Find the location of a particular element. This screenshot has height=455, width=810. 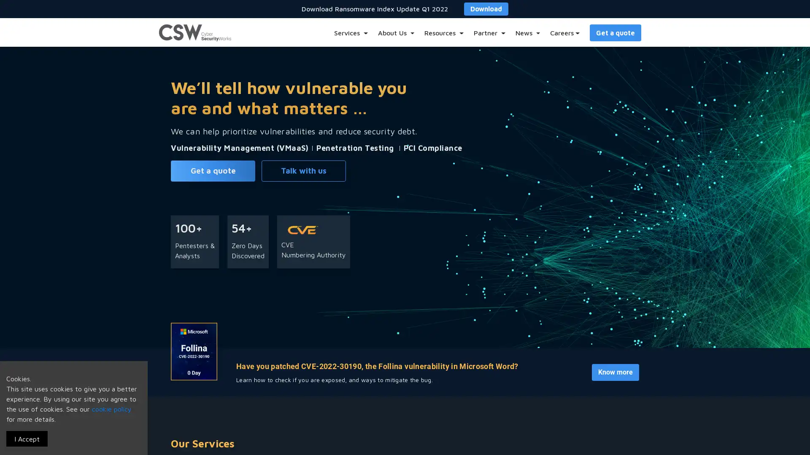

Talk with us is located at coordinates (304, 171).